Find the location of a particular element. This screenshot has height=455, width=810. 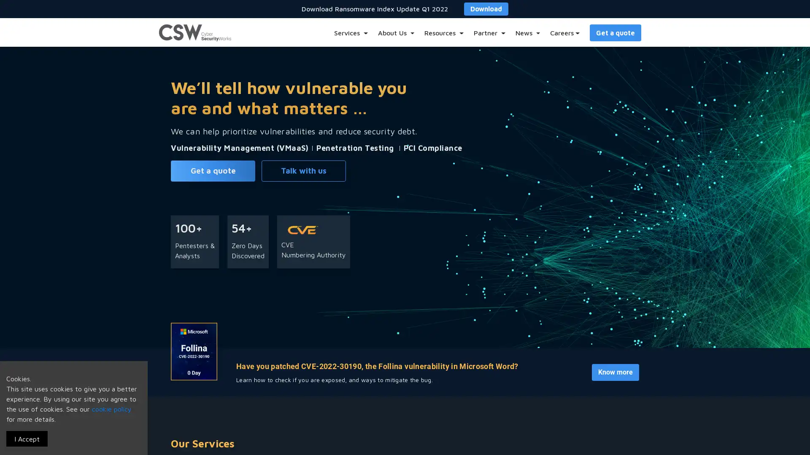

Talk with us is located at coordinates (304, 171).